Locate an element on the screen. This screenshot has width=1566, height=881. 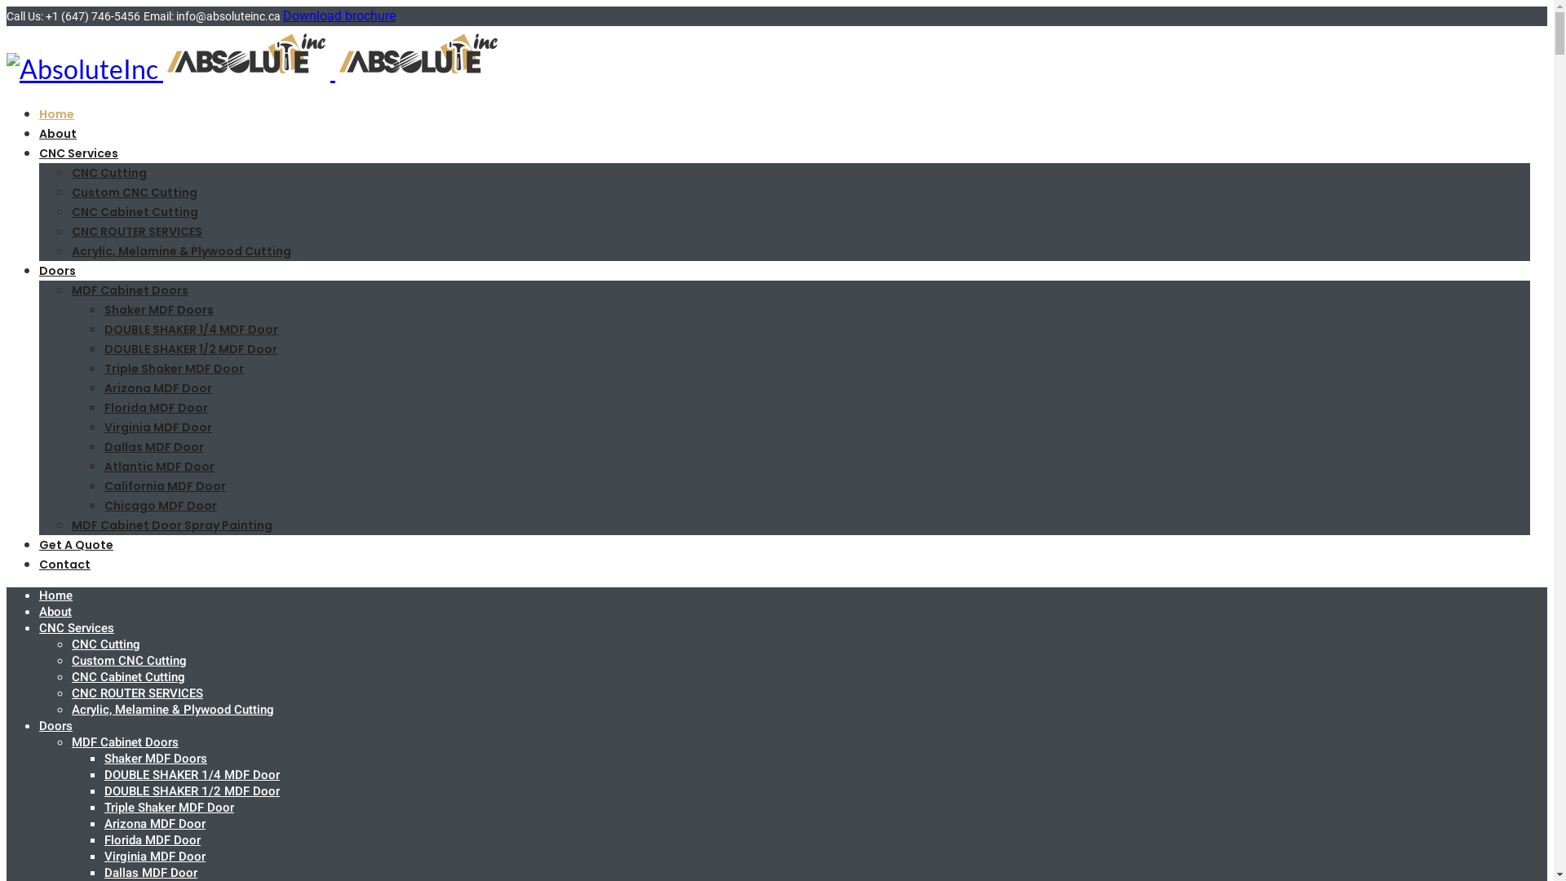
'MDF Cabinet Doors' is located at coordinates (124, 742).